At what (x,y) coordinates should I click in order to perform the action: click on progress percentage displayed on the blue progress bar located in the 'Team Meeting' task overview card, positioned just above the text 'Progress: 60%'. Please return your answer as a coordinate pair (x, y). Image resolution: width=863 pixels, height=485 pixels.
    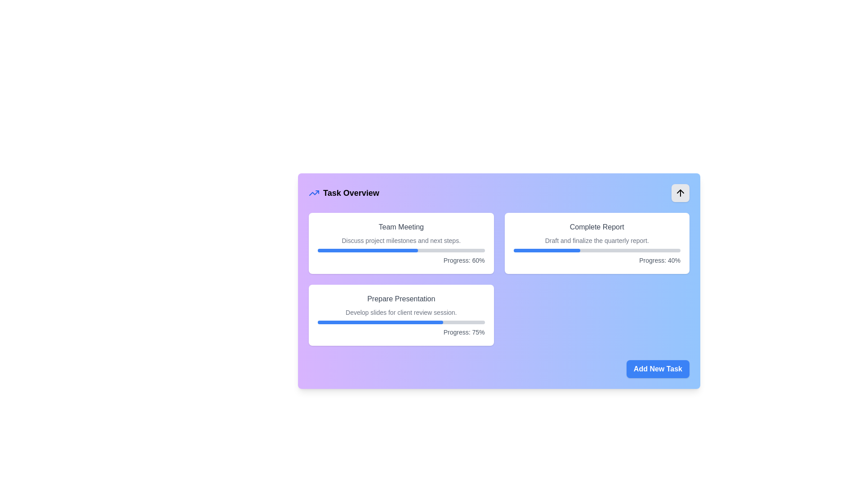
    Looking at the image, I should click on (368, 251).